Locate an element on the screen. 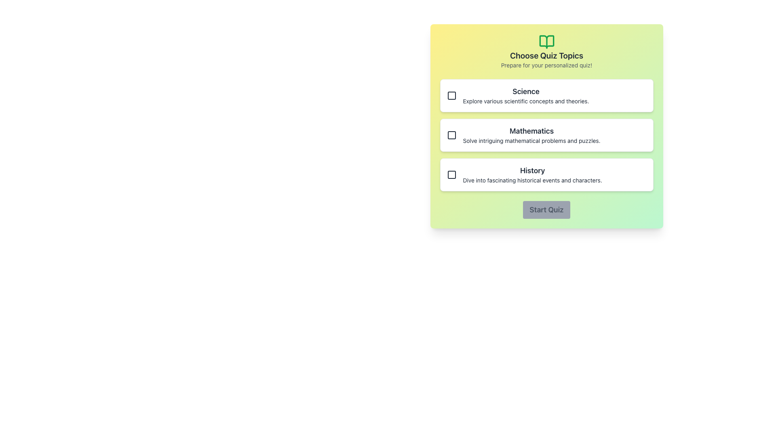 The width and height of the screenshot is (776, 436). the text element stating 'Explore various scientific concepts and theories' which is located beneath the bold heading 'Science' in the quiz topic selection area is located at coordinates (526, 101).